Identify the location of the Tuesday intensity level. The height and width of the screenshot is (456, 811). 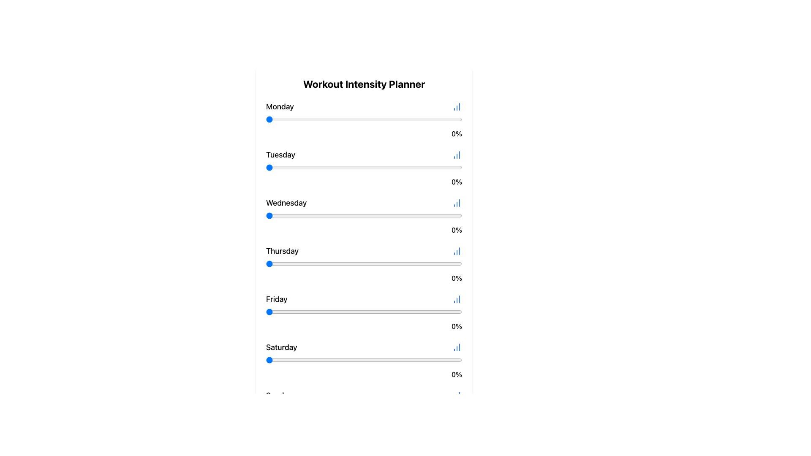
(454, 168).